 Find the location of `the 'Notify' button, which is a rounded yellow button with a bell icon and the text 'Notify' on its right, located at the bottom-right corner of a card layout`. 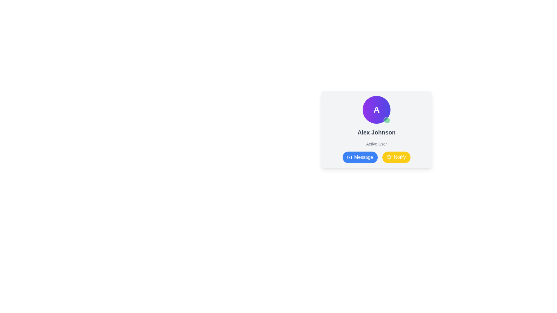

the 'Notify' button, which is a rounded yellow button with a bell icon and the text 'Notify' on its right, located at the bottom-right corner of a card layout is located at coordinates (396, 157).